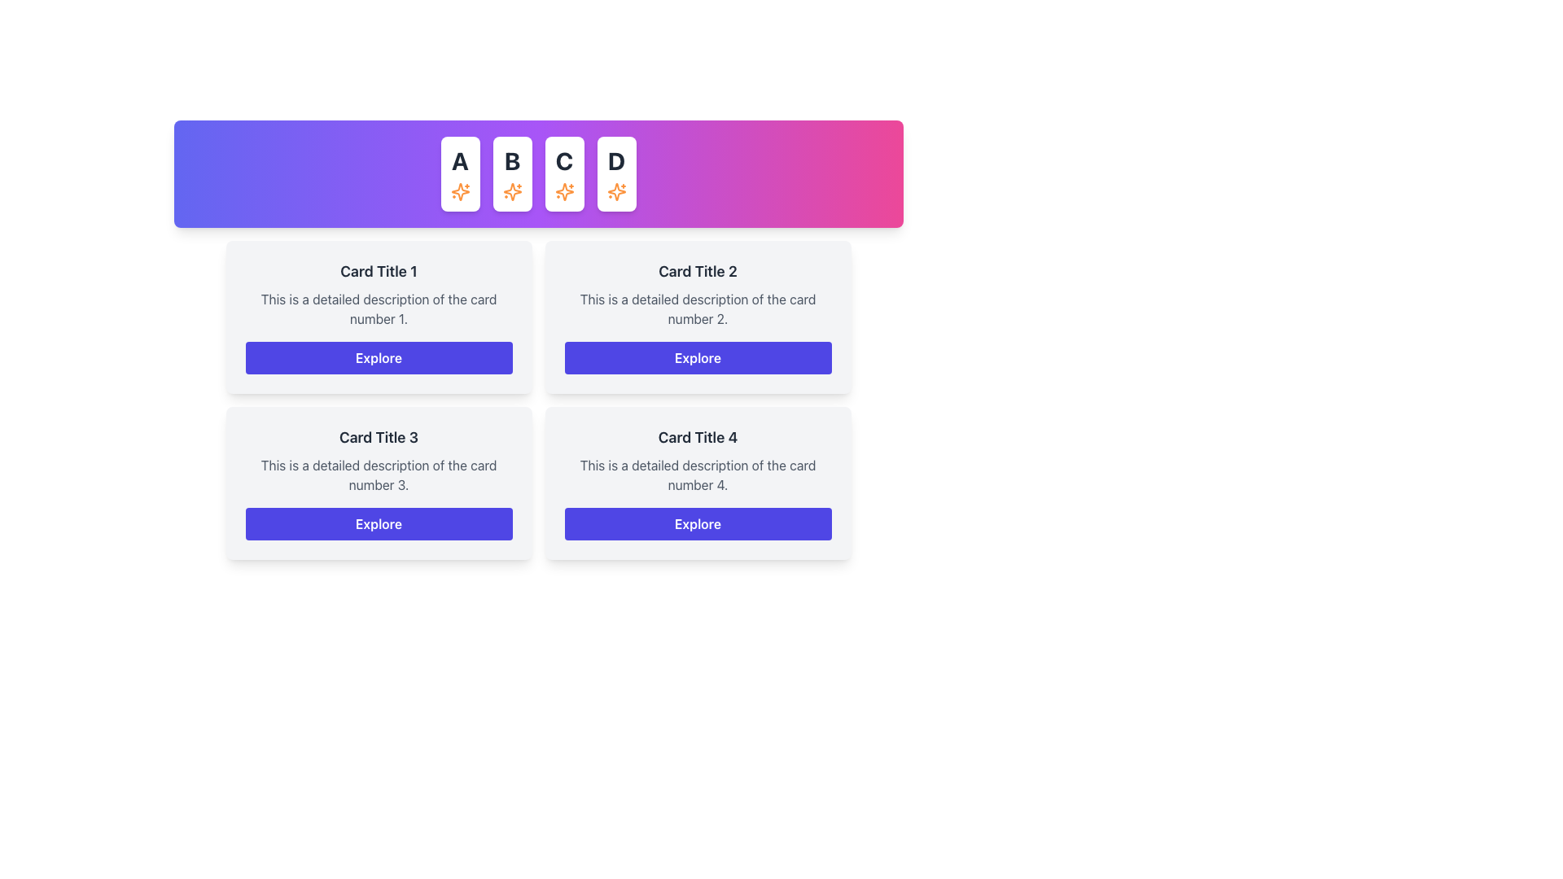 The width and height of the screenshot is (1563, 879). Describe the element at coordinates (615, 190) in the screenshot. I see `the decorative icon located in the top row of the fourth card under the letter 'D', which serves as an indicative functionality or category icon` at that location.